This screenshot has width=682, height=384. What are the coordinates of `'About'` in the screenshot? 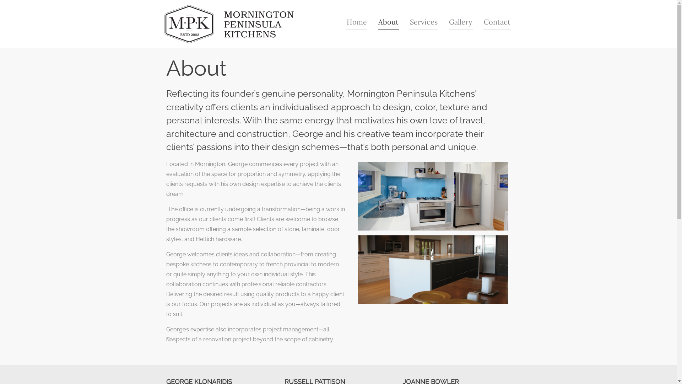 It's located at (388, 22).